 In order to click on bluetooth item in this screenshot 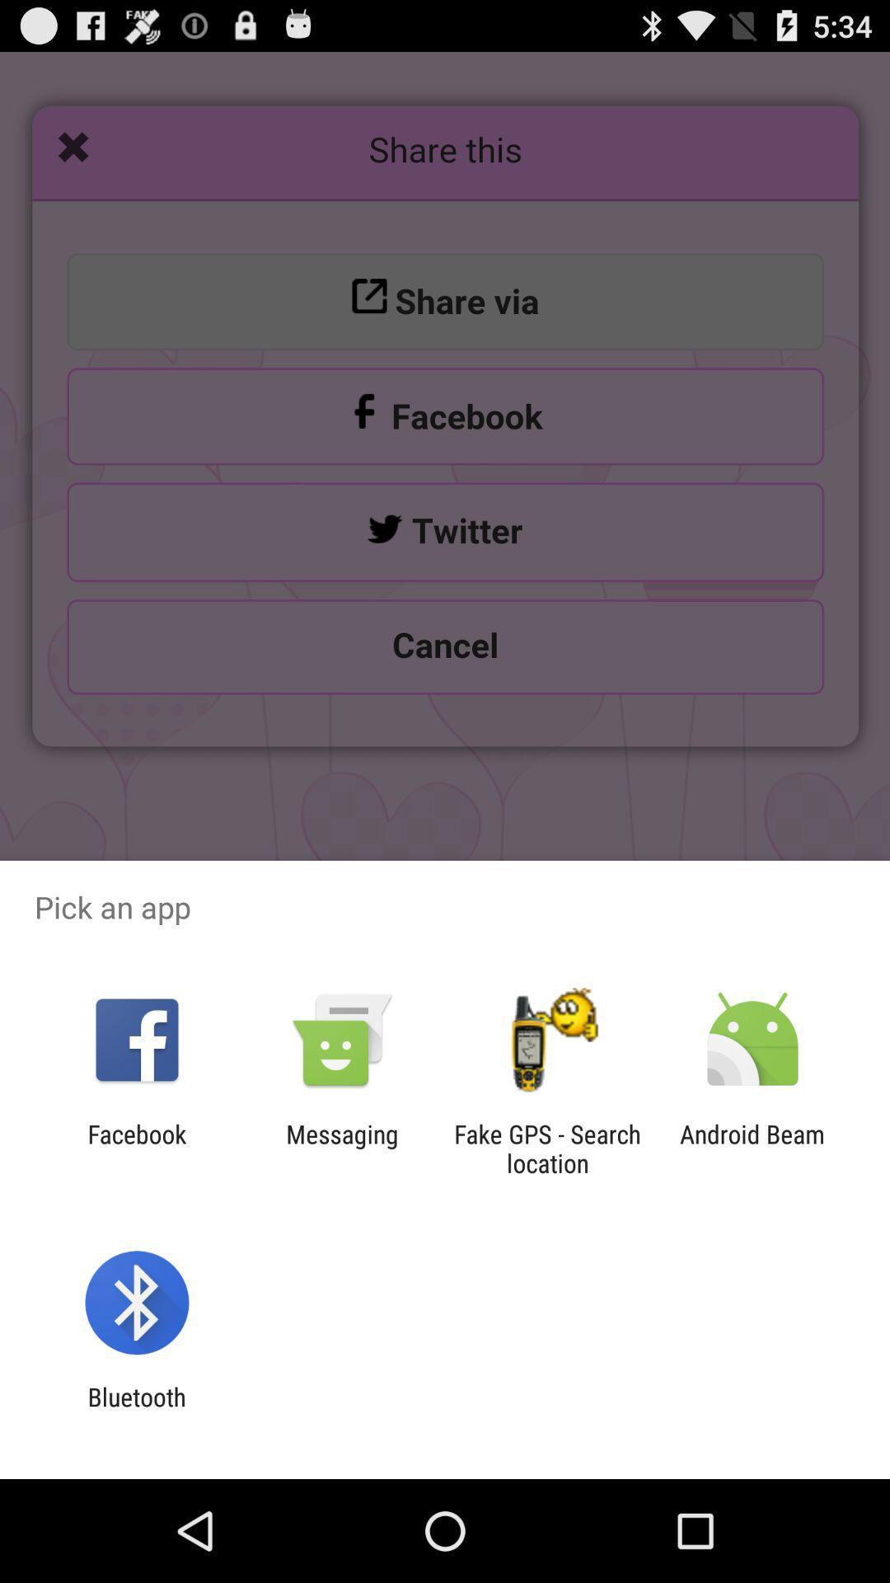, I will do `click(136, 1411)`.